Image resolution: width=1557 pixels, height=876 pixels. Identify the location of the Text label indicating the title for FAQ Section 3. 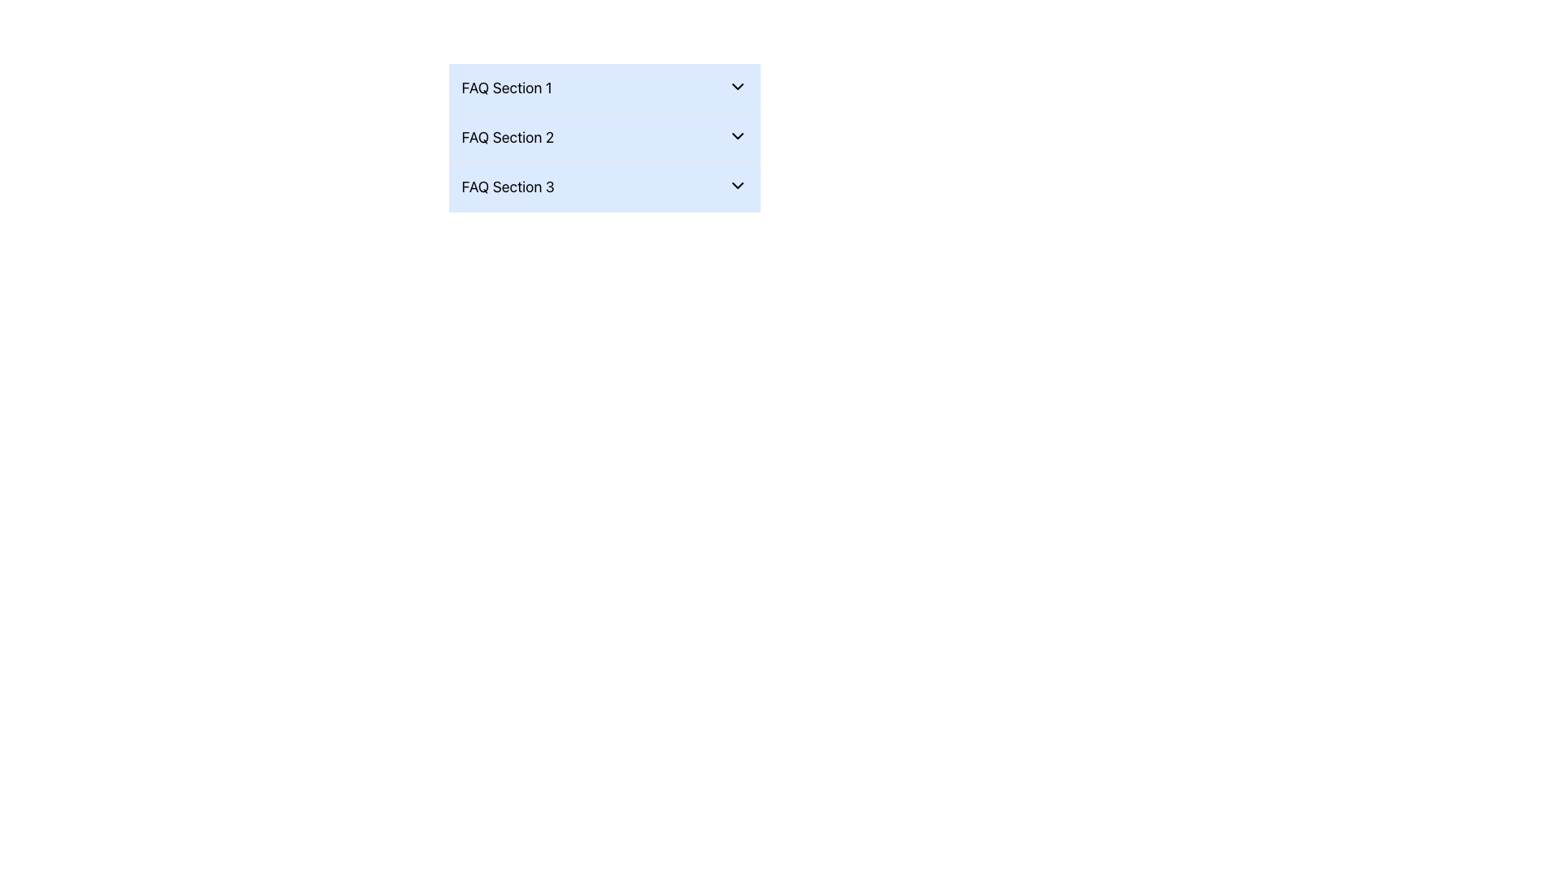
(507, 187).